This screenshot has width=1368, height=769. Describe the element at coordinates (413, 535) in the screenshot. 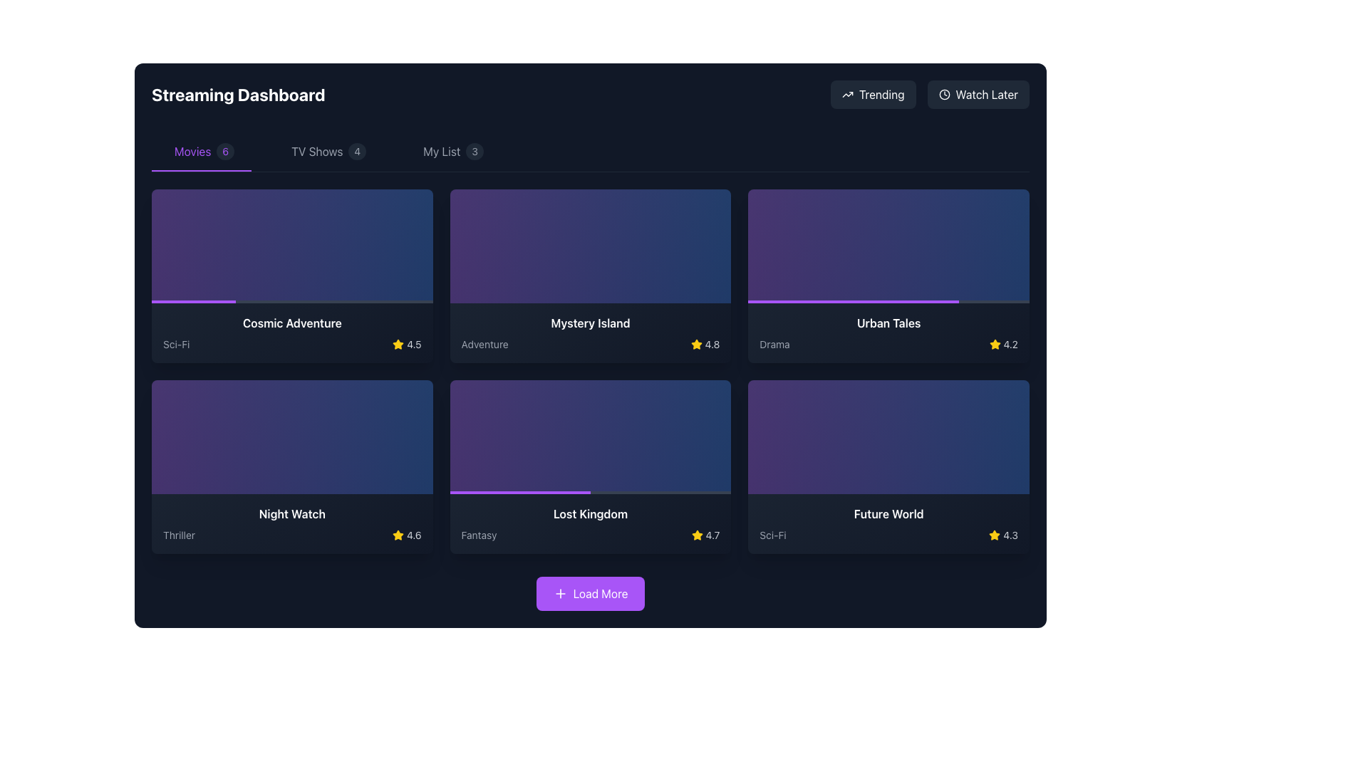

I see `the text label displaying the rating '4.6' located to the right of the star icon in the 'Night Watch' movie card` at that location.